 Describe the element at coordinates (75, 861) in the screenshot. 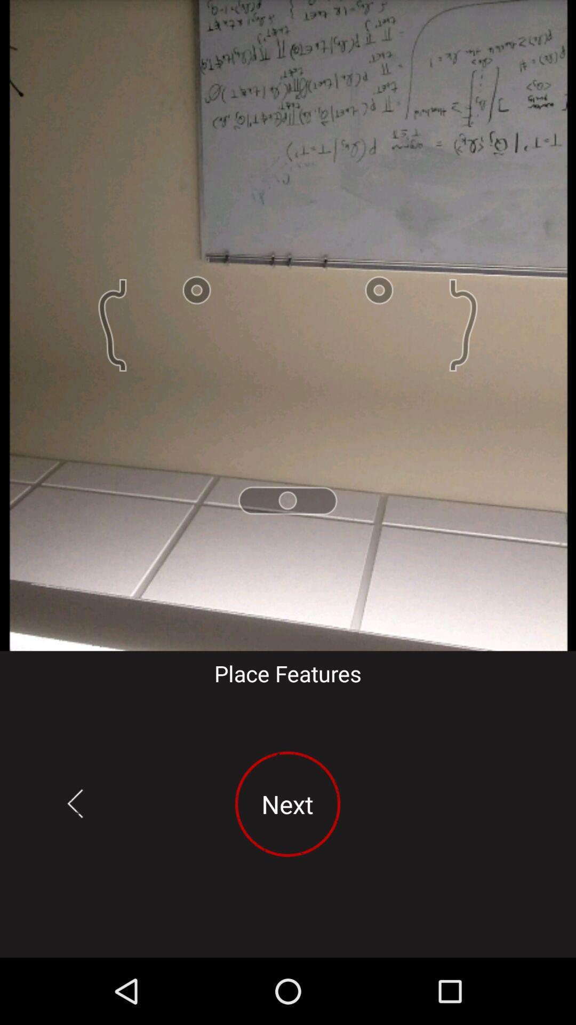

I see `the arrow_backward icon` at that location.